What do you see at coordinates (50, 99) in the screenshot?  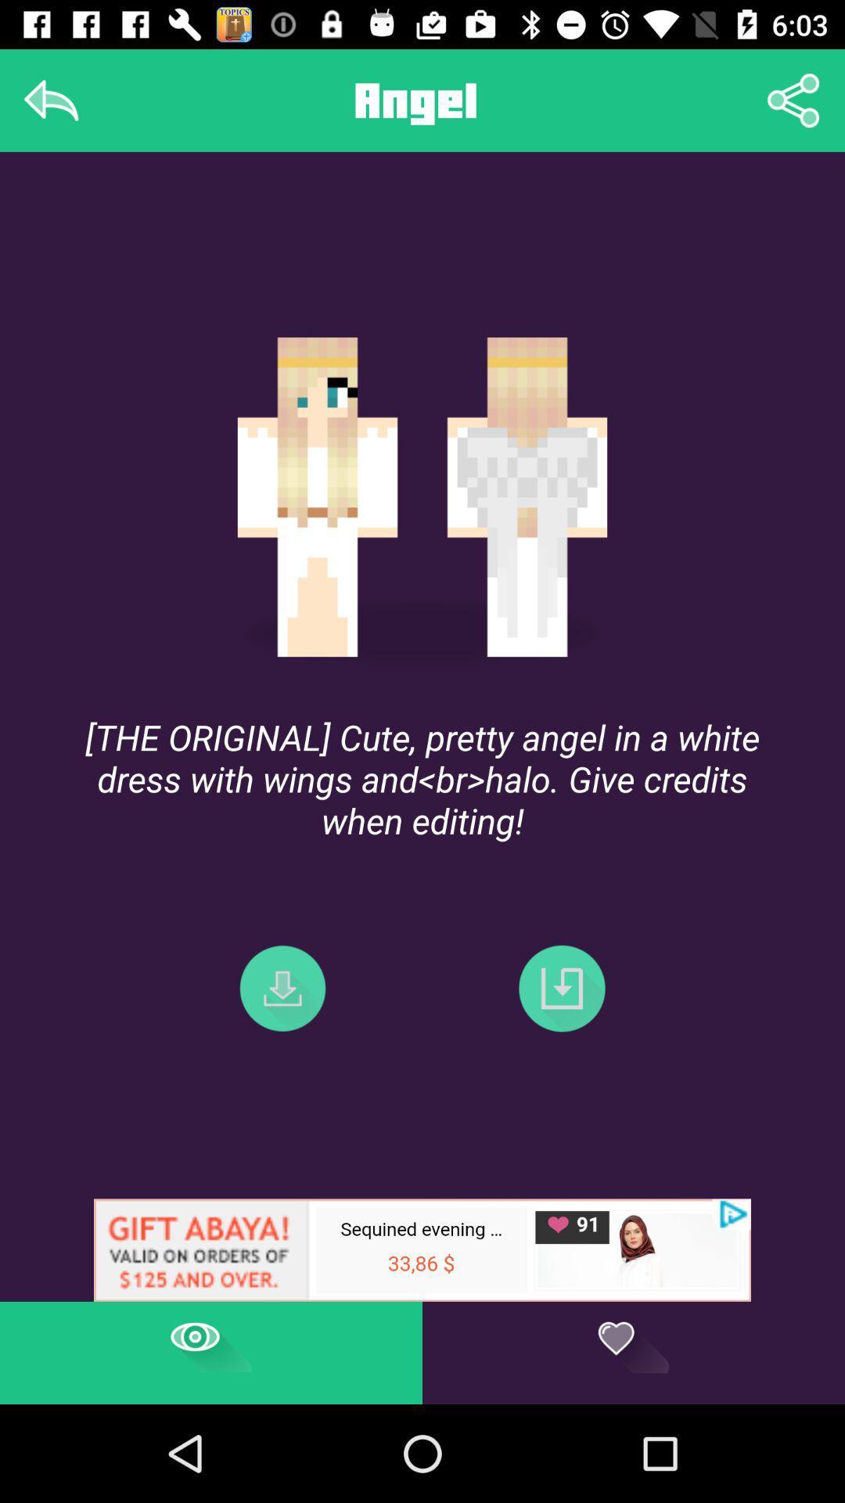 I see `the reply icon` at bounding box center [50, 99].